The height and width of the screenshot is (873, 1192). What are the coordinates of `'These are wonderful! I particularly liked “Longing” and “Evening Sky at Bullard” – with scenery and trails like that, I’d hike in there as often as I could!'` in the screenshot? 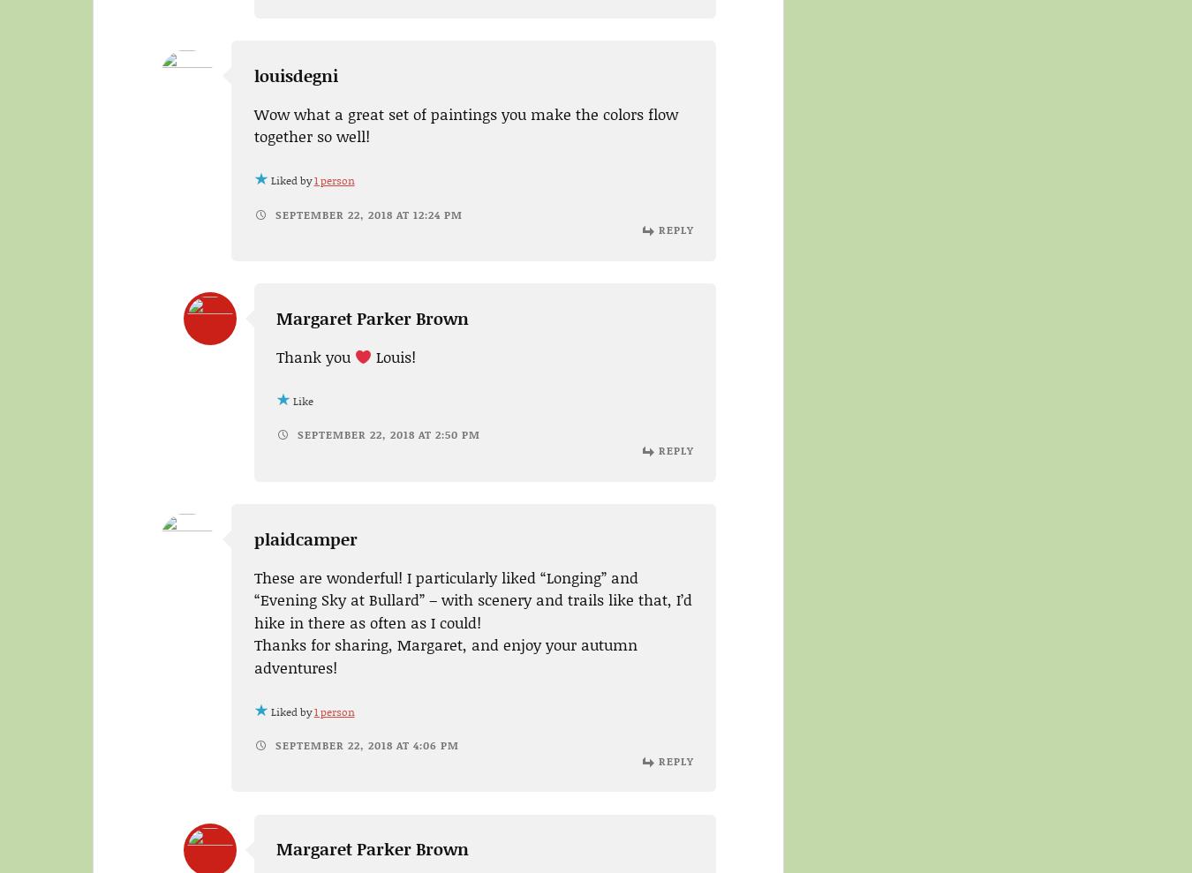 It's located at (472, 598).